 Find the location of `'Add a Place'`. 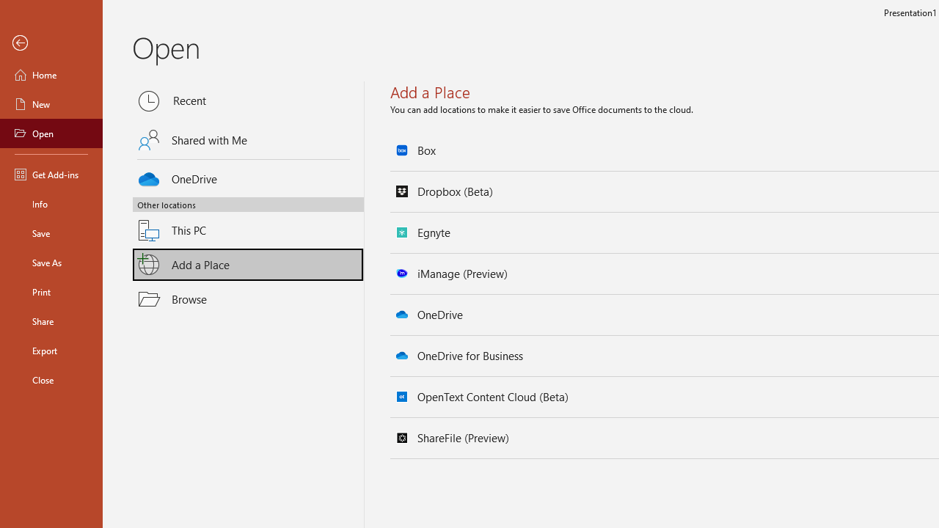

'Add a Place' is located at coordinates (248, 265).